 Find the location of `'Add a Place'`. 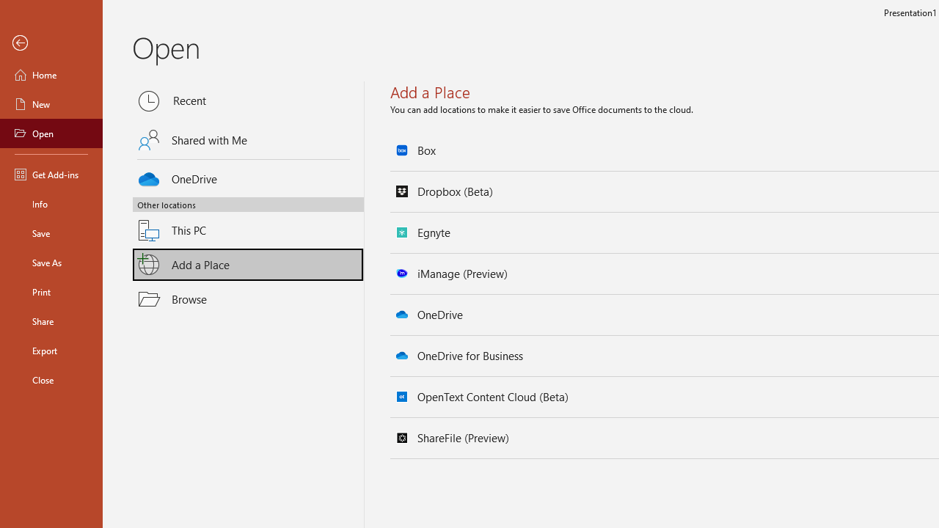

'Add a Place' is located at coordinates (248, 265).